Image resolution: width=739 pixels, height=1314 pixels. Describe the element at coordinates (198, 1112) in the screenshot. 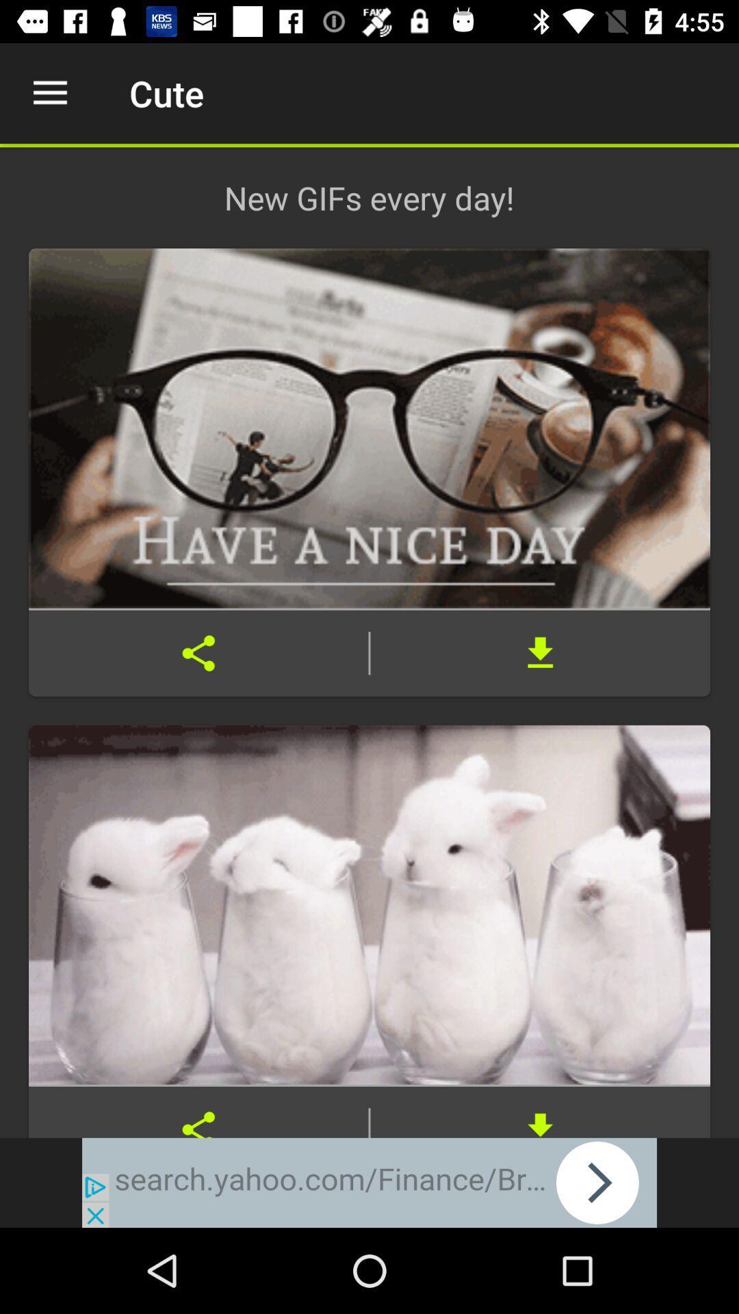

I see `share the article` at that location.